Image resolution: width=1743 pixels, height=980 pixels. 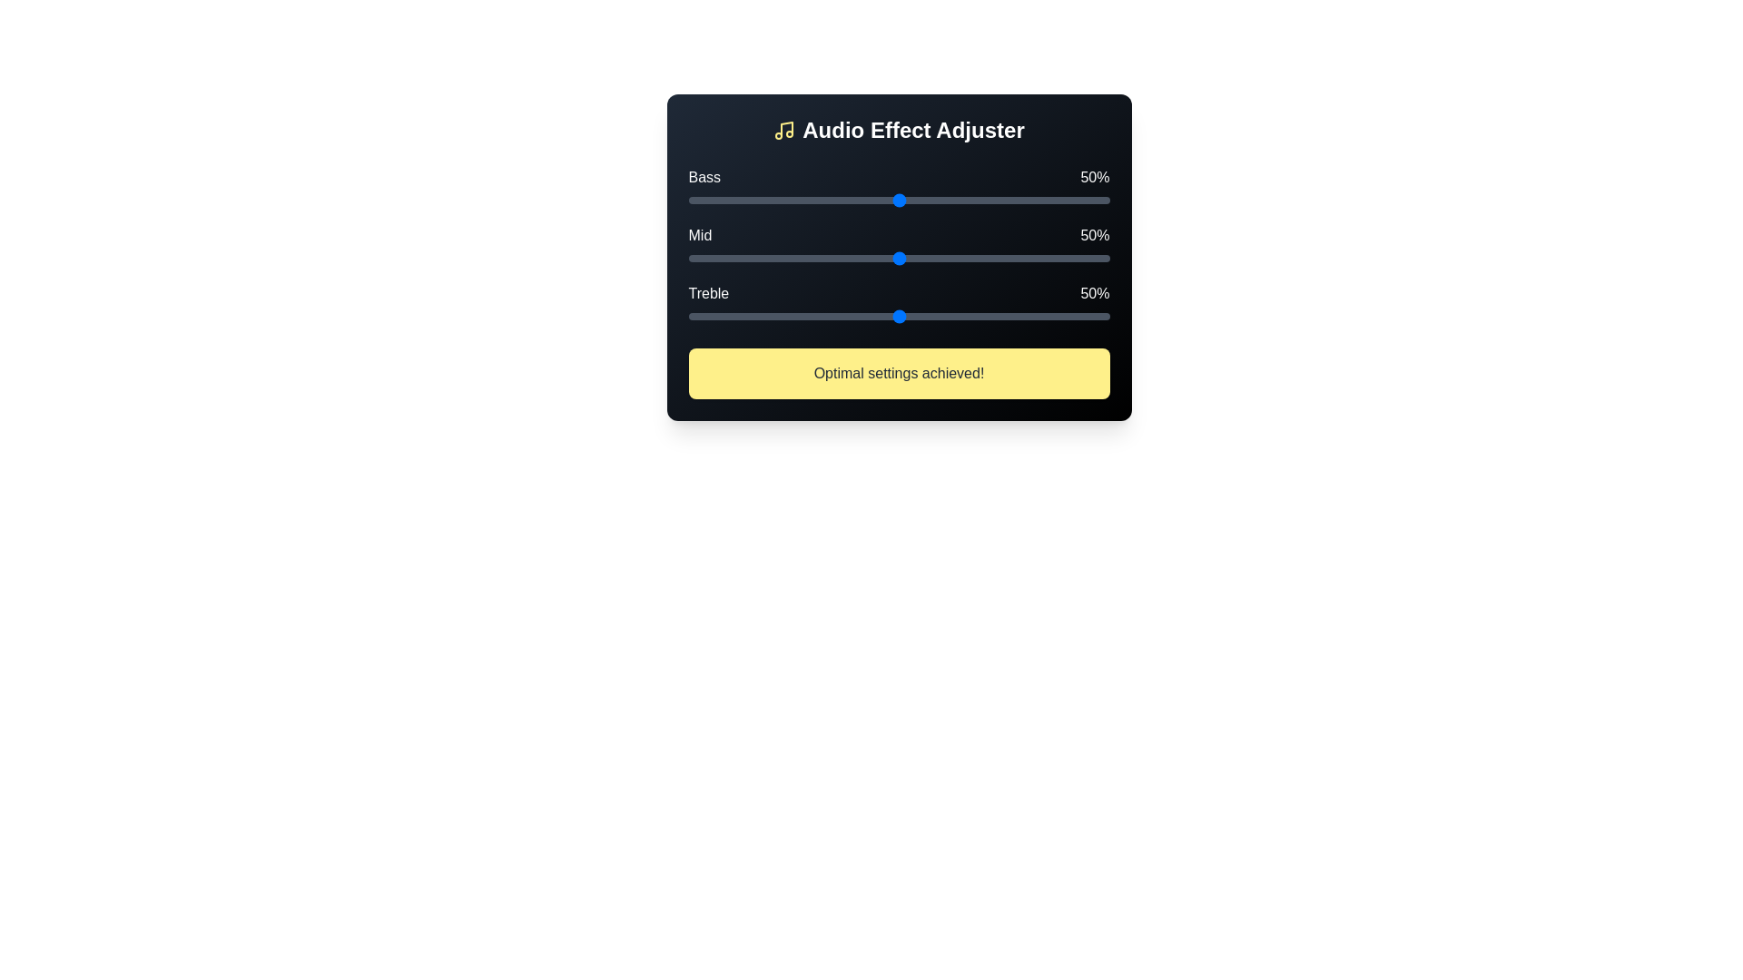 What do you see at coordinates (687, 259) in the screenshot?
I see `the 'Mid' slider to 0%` at bounding box center [687, 259].